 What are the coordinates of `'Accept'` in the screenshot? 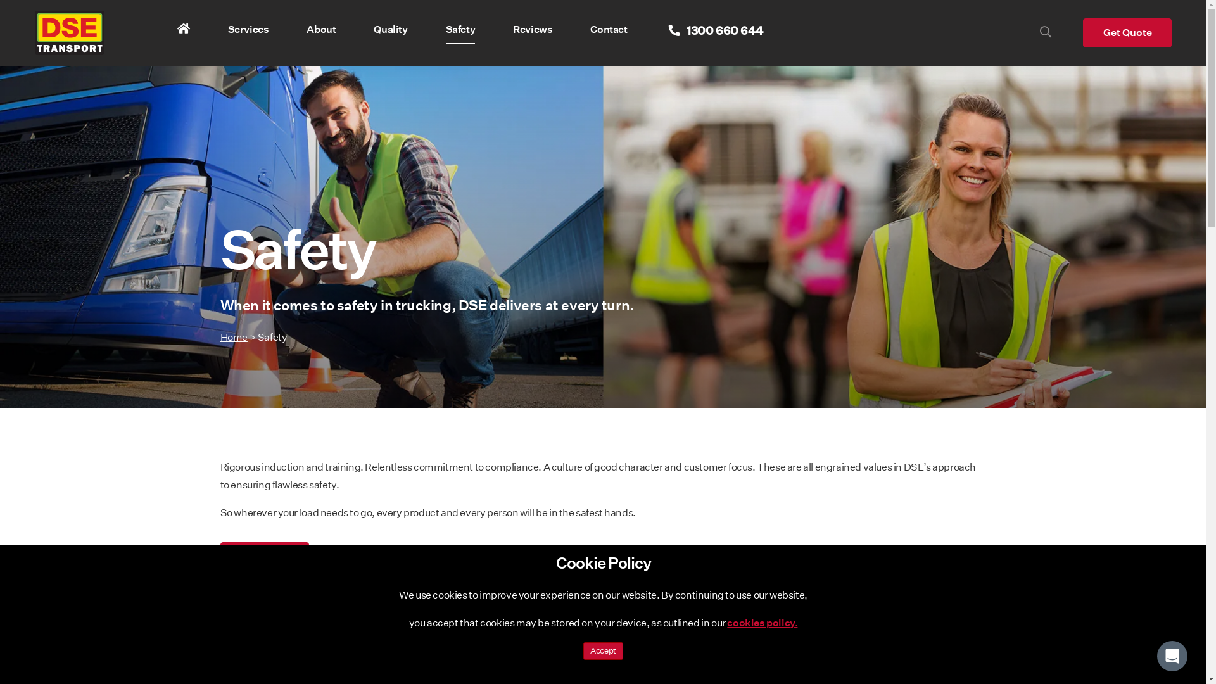 It's located at (602, 651).